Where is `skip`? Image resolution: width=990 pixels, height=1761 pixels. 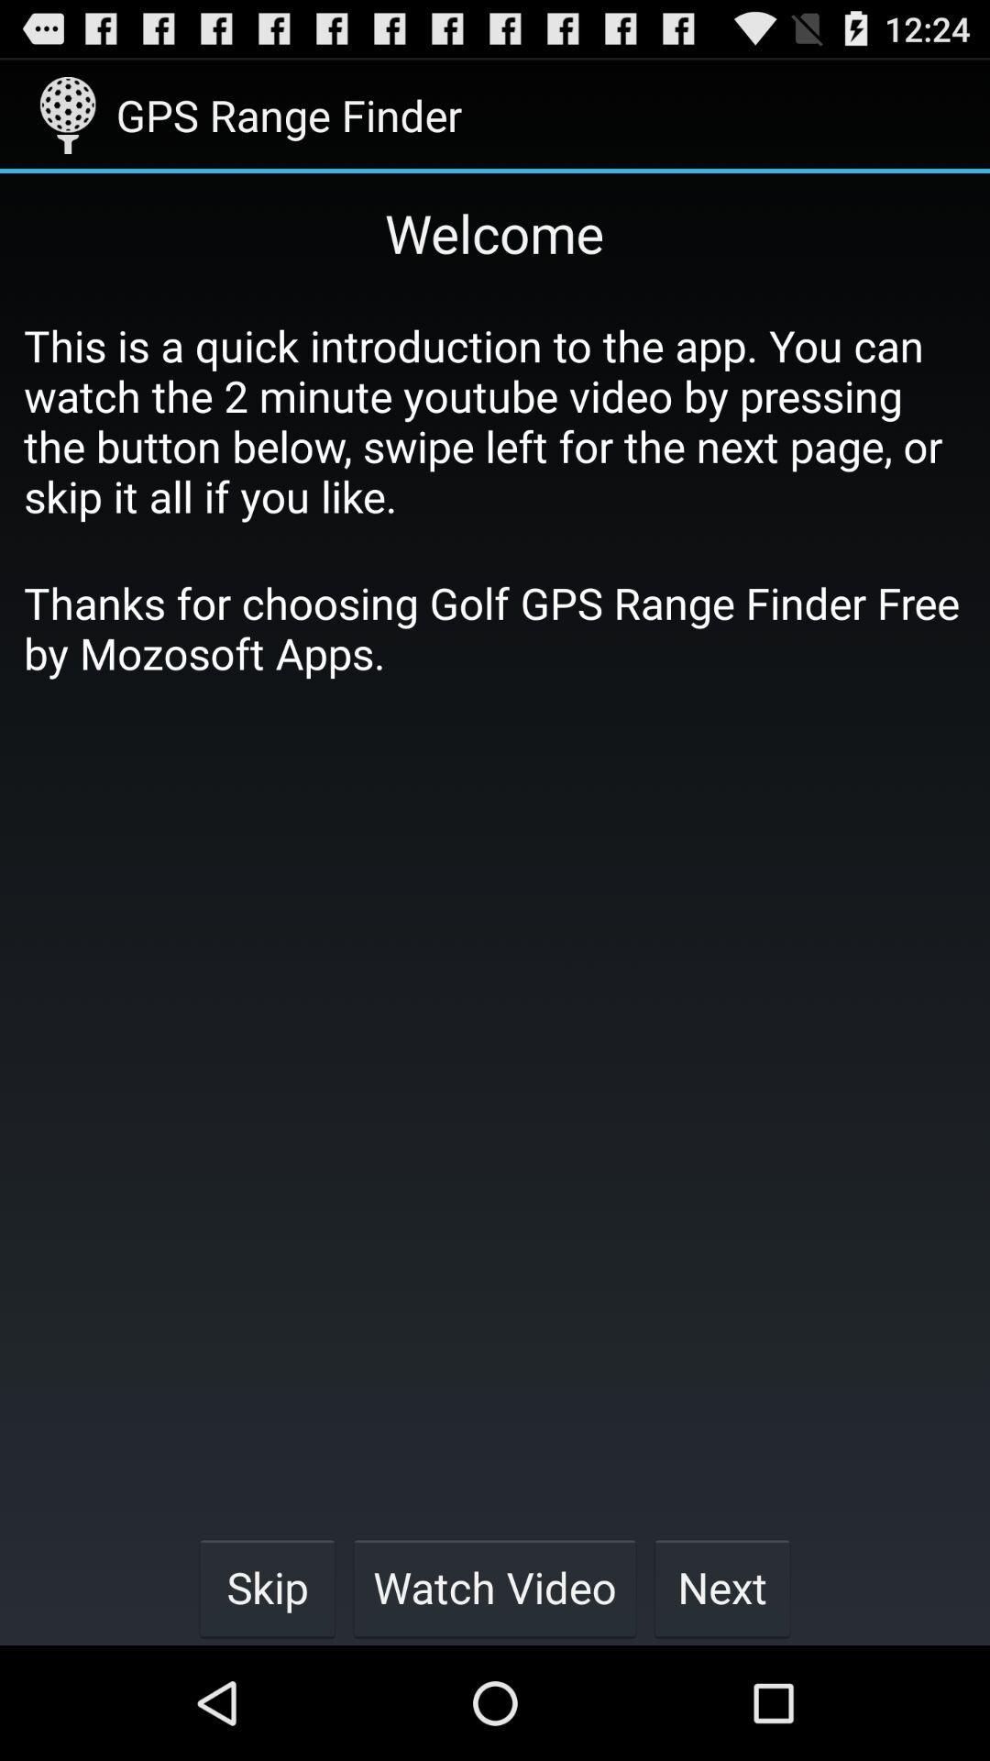 skip is located at coordinates (267, 1587).